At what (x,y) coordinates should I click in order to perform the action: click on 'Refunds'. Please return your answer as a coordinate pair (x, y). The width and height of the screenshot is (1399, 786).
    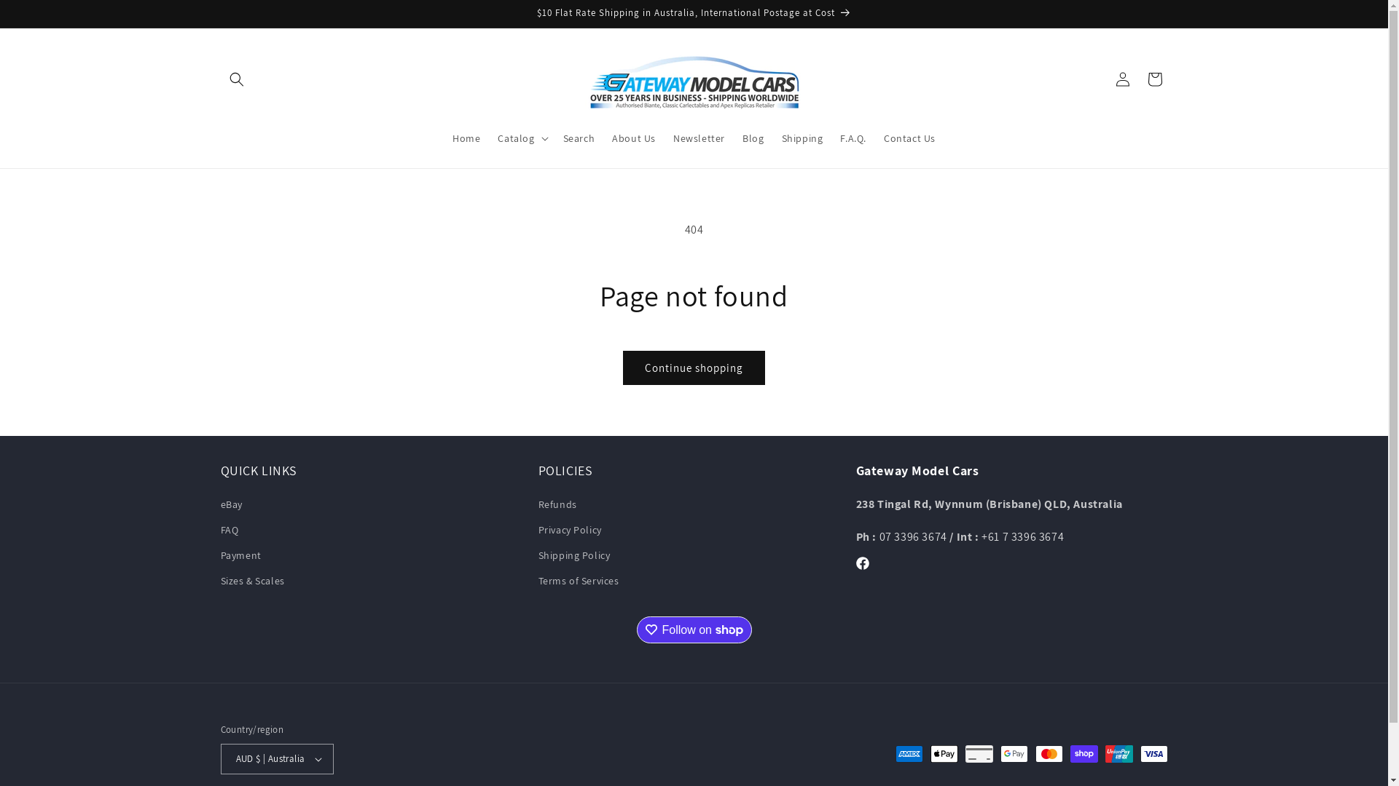
    Looking at the image, I should click on (556, 505).